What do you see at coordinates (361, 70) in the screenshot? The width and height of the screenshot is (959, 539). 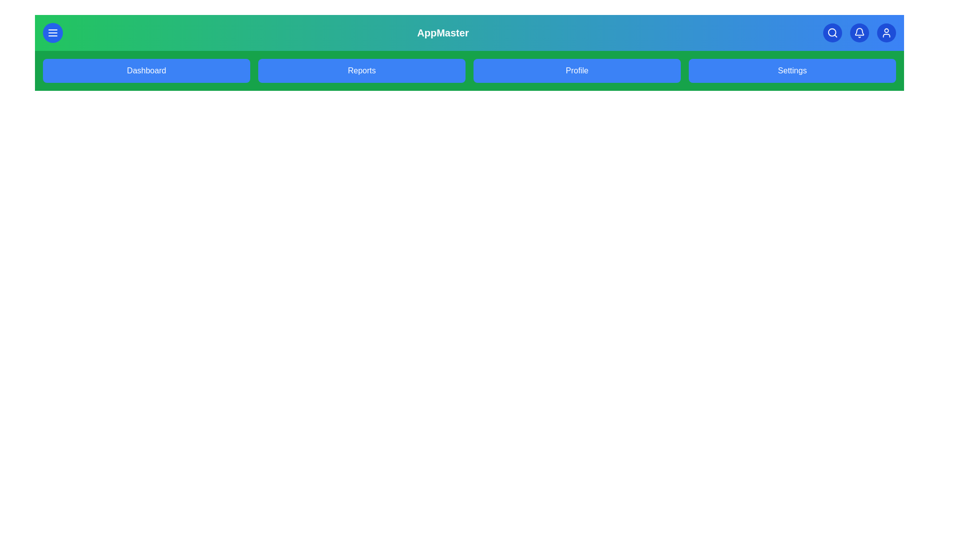 I see `the Reports link in the navigation bar` at bounding box center [361, 70].